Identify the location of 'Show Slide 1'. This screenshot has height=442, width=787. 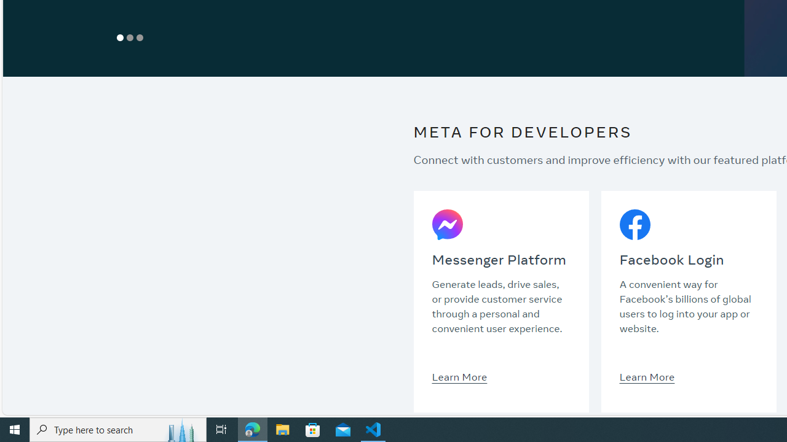
(120, 37).